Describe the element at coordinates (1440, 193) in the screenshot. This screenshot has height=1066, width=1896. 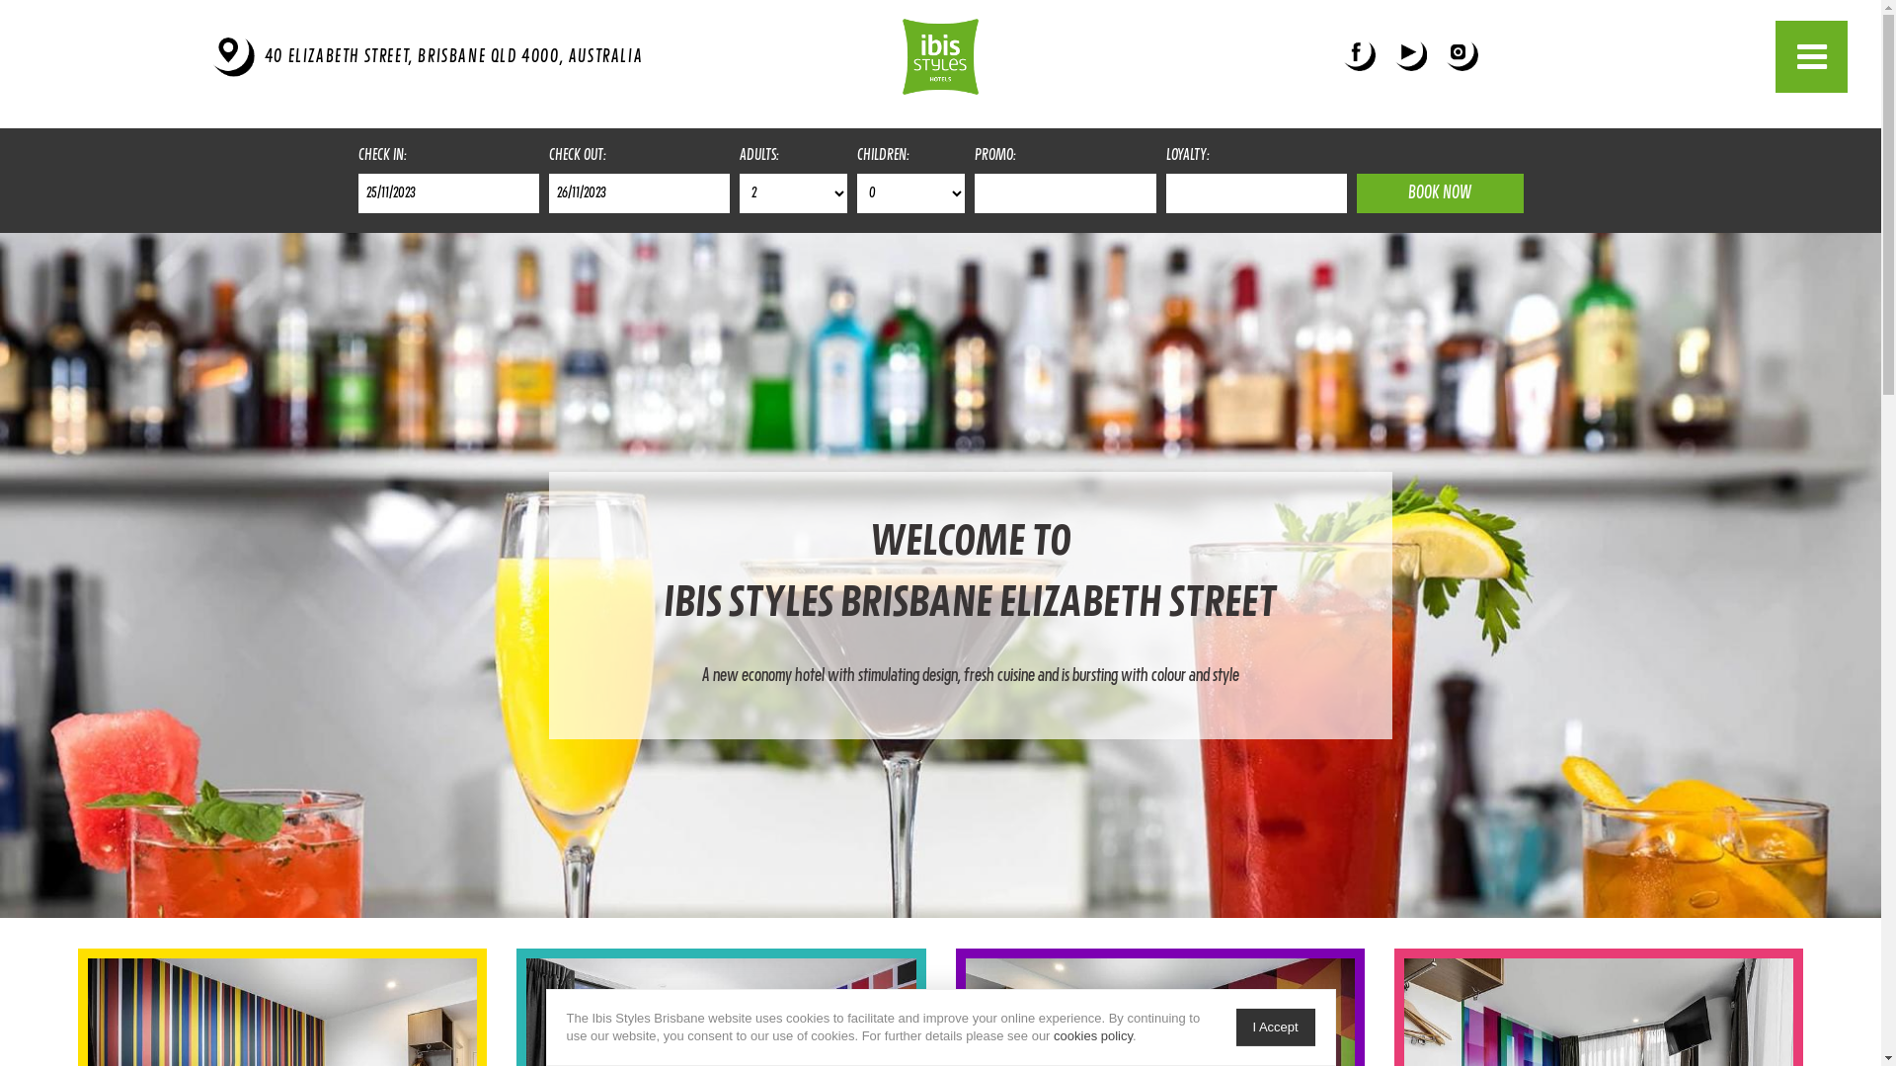
I see `'Book Now'` at that location.